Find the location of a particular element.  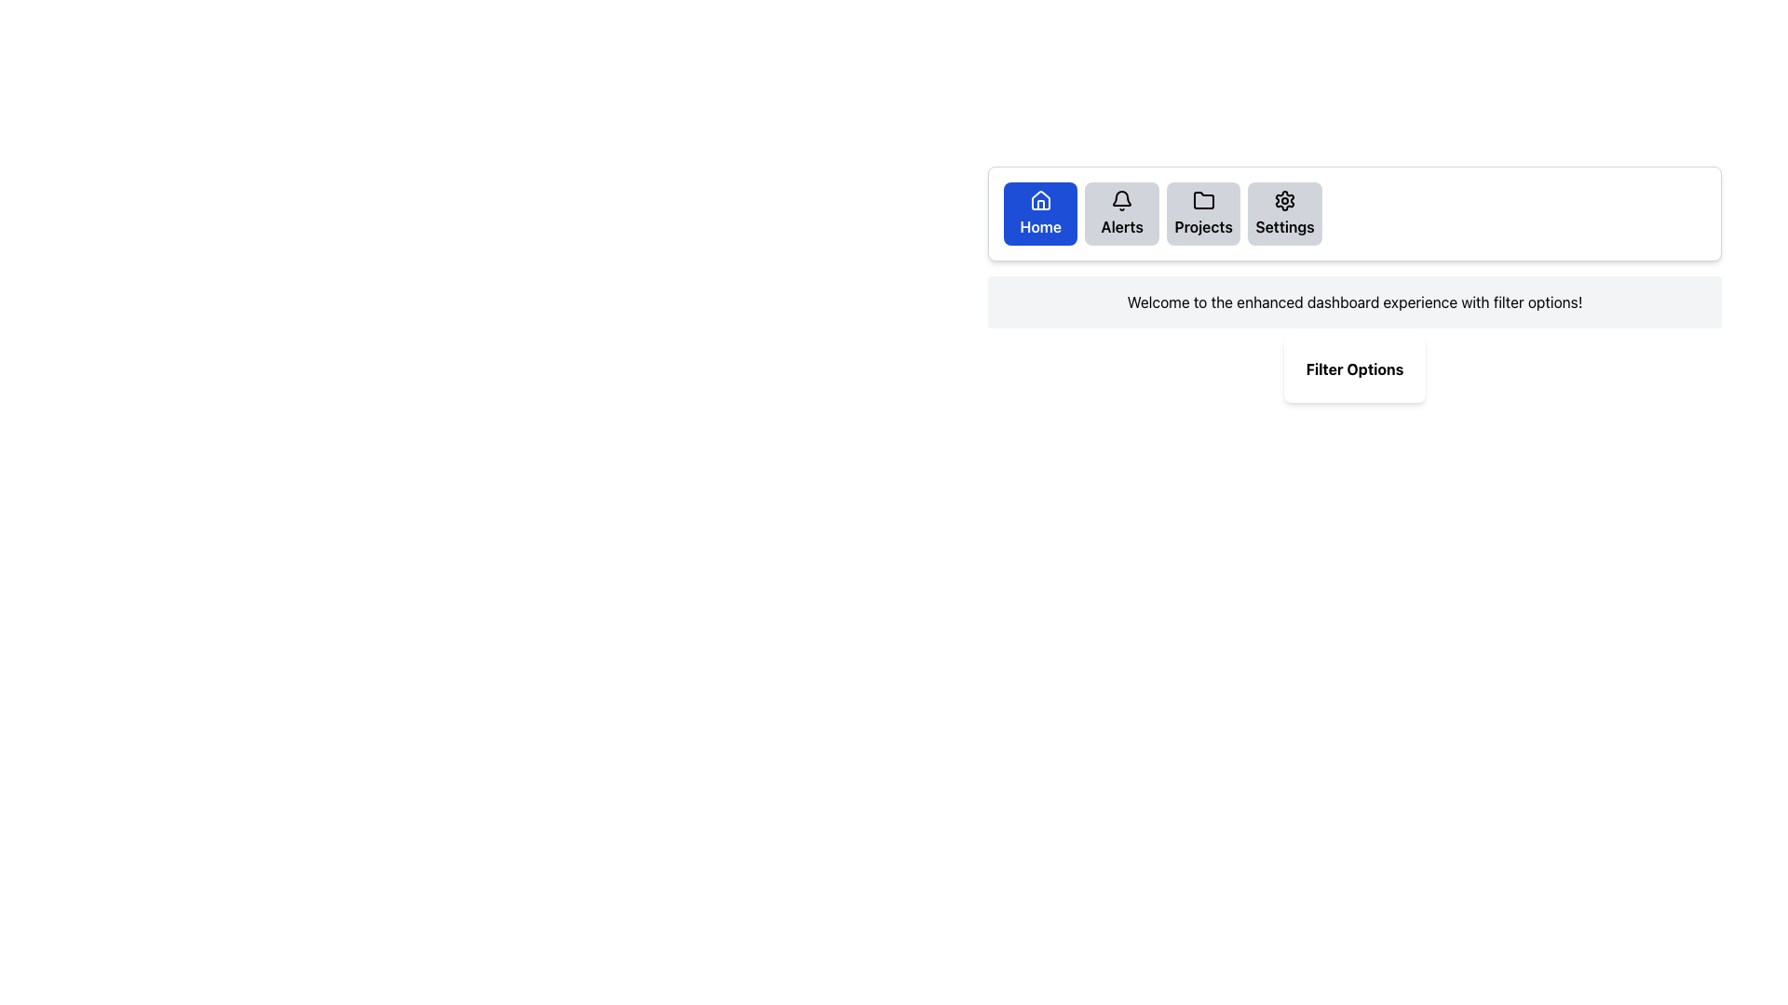

the fourth button is located at coordinates (1284, 213).